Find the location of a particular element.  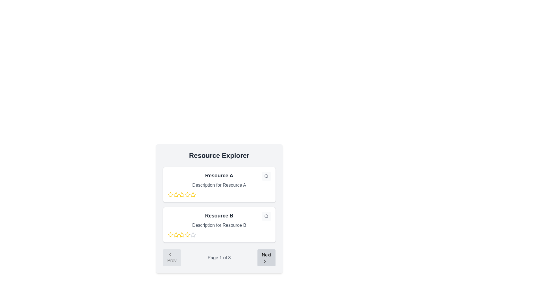

'Page 1 of 3' text displayed in the center of the pagination control located at the bottom of the 'Resource Explorer' section is located at coordinates (219, 258).